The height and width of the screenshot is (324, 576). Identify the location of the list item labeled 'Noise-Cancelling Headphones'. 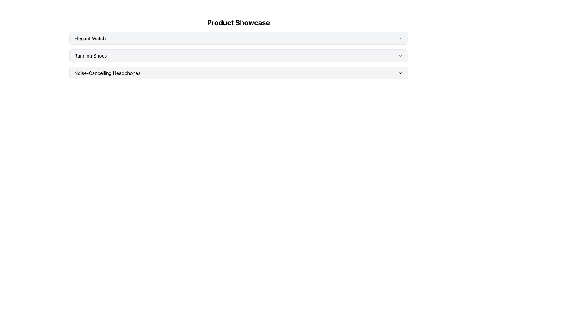
(238, 73).